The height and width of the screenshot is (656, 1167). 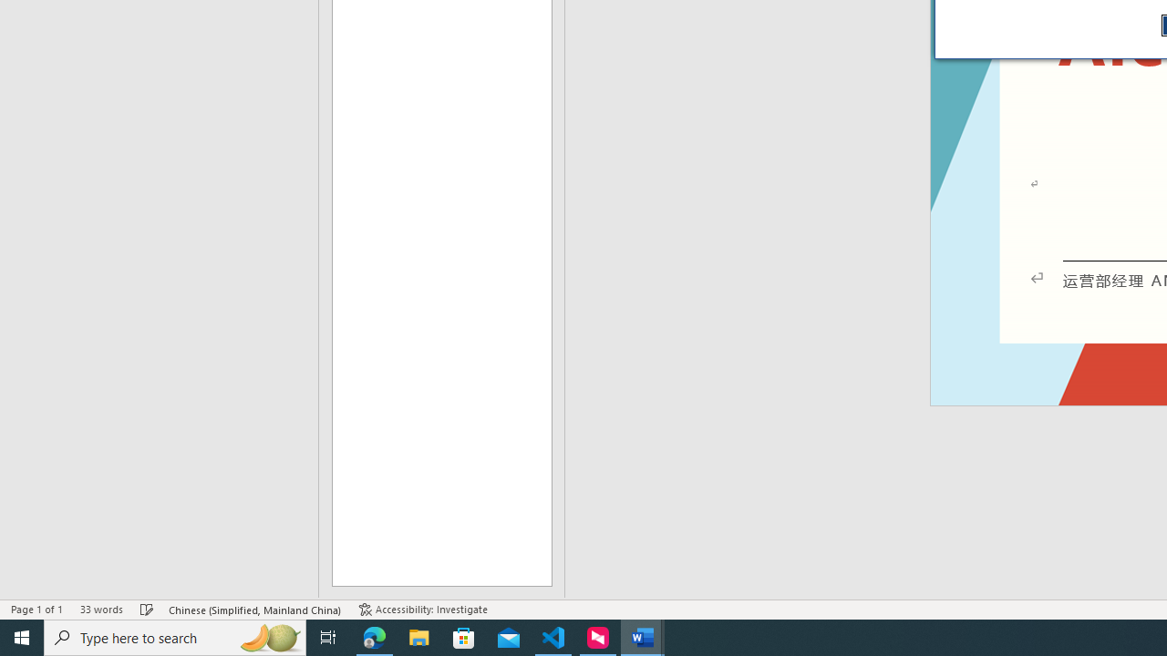 I want to click on 'File Explorer', so click(x=418, y=636).